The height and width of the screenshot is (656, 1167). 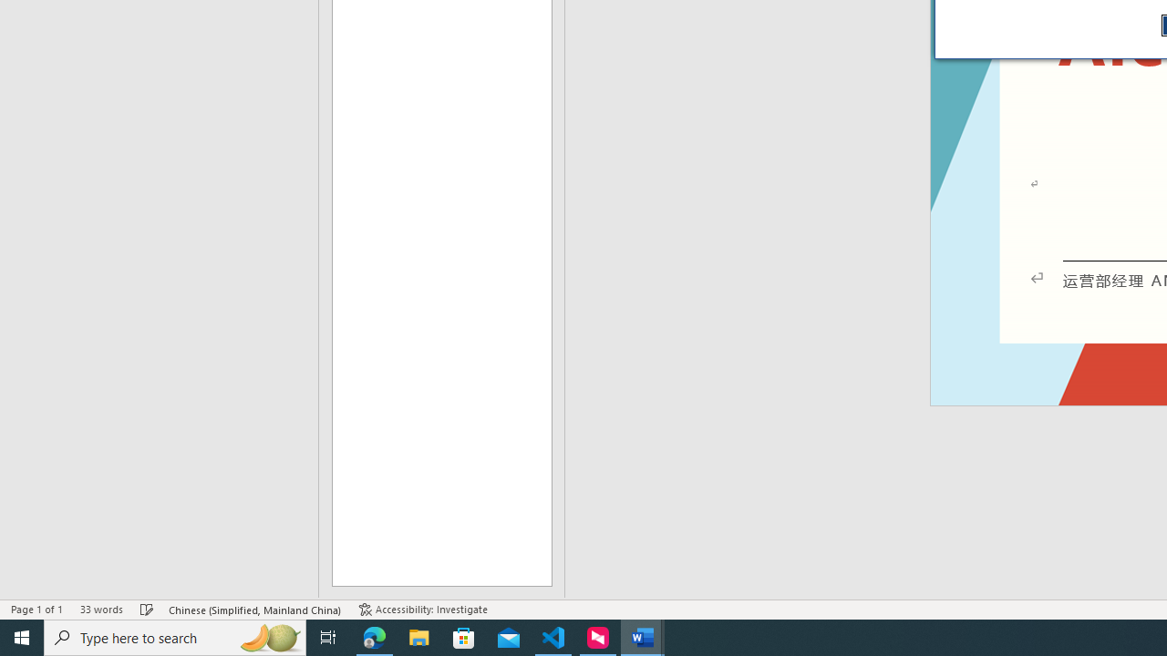 I want to click on 'File Explorer', so click(x=418, y=636).